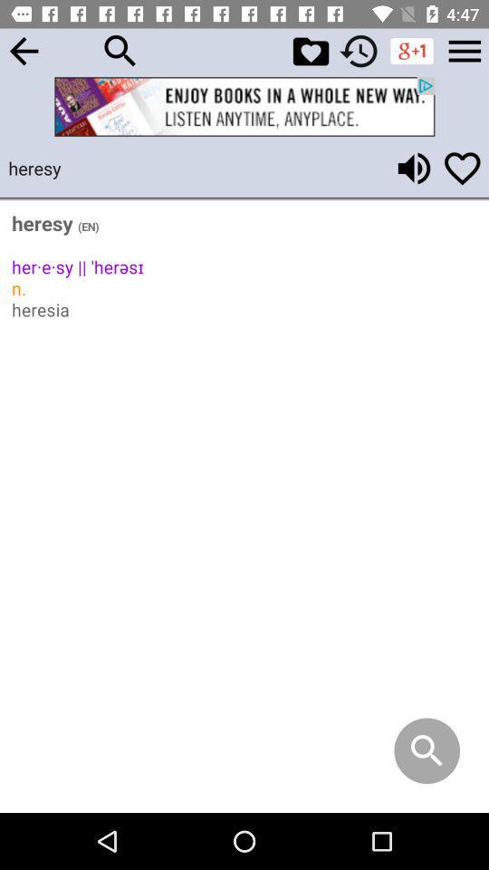 The width and height of the screenshot is (489, 870). I want to click on the favorite icon, so click(462, 168).